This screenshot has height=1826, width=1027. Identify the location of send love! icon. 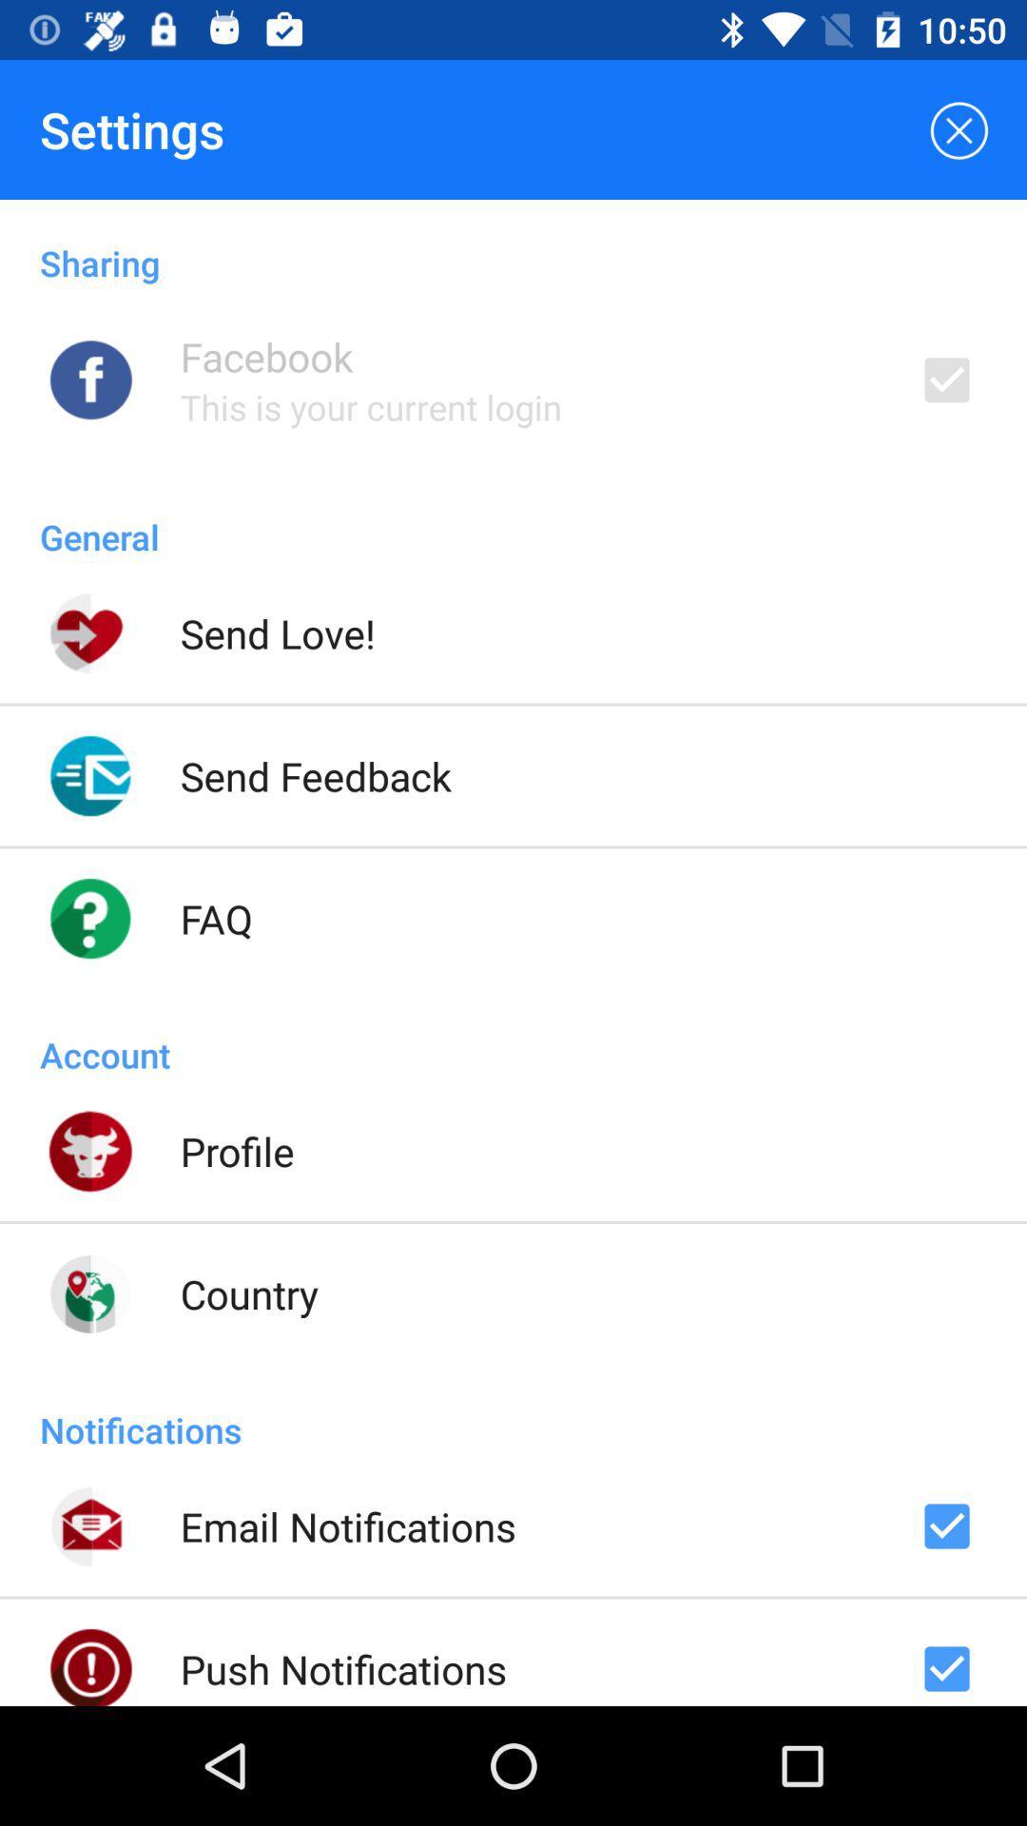
(278, 633).